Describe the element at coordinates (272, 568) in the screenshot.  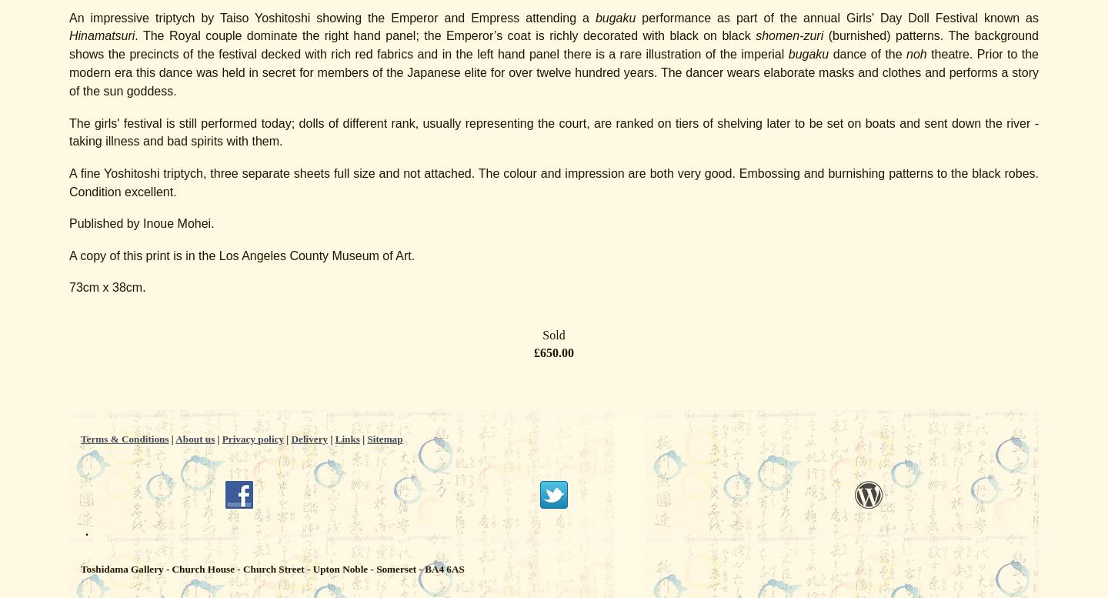
I see `'Toshidama Gallery - Church House - Church Street - Upton Noble - Somerset - BA4 6AS'` at that location.